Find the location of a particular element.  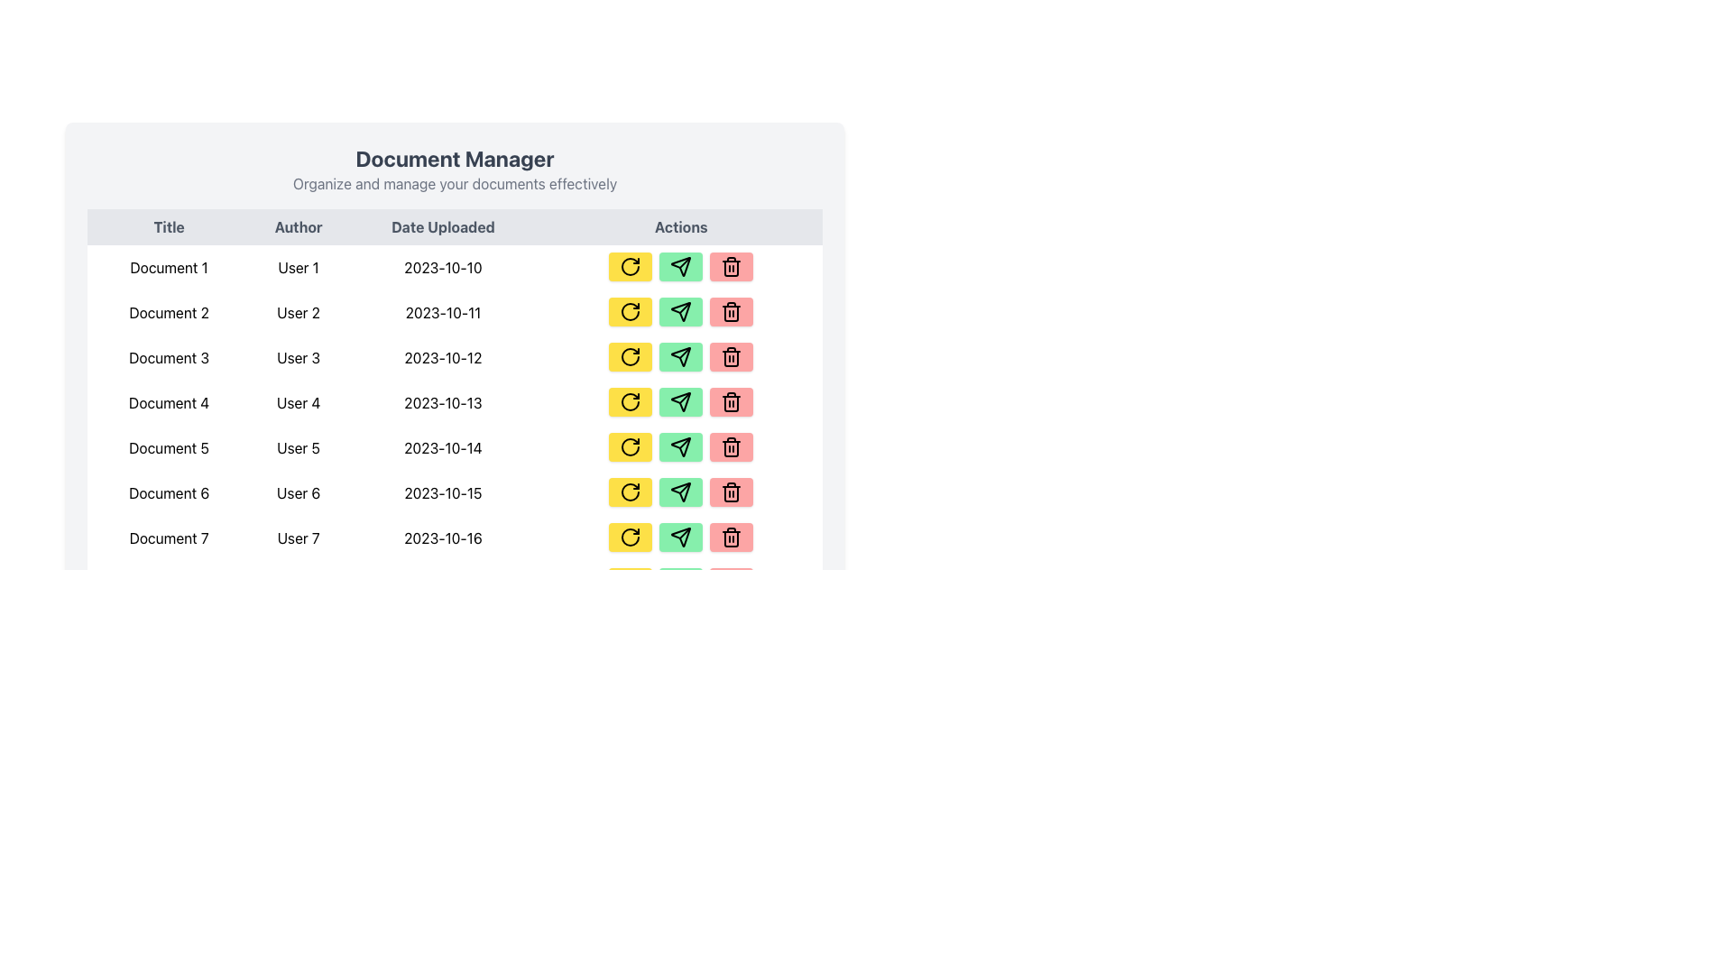

the green button with a paper plane icon in the 'Actions' column of the document management interface, located between the yellow refresh button and the red delete button is located at coordinates (680, 492).